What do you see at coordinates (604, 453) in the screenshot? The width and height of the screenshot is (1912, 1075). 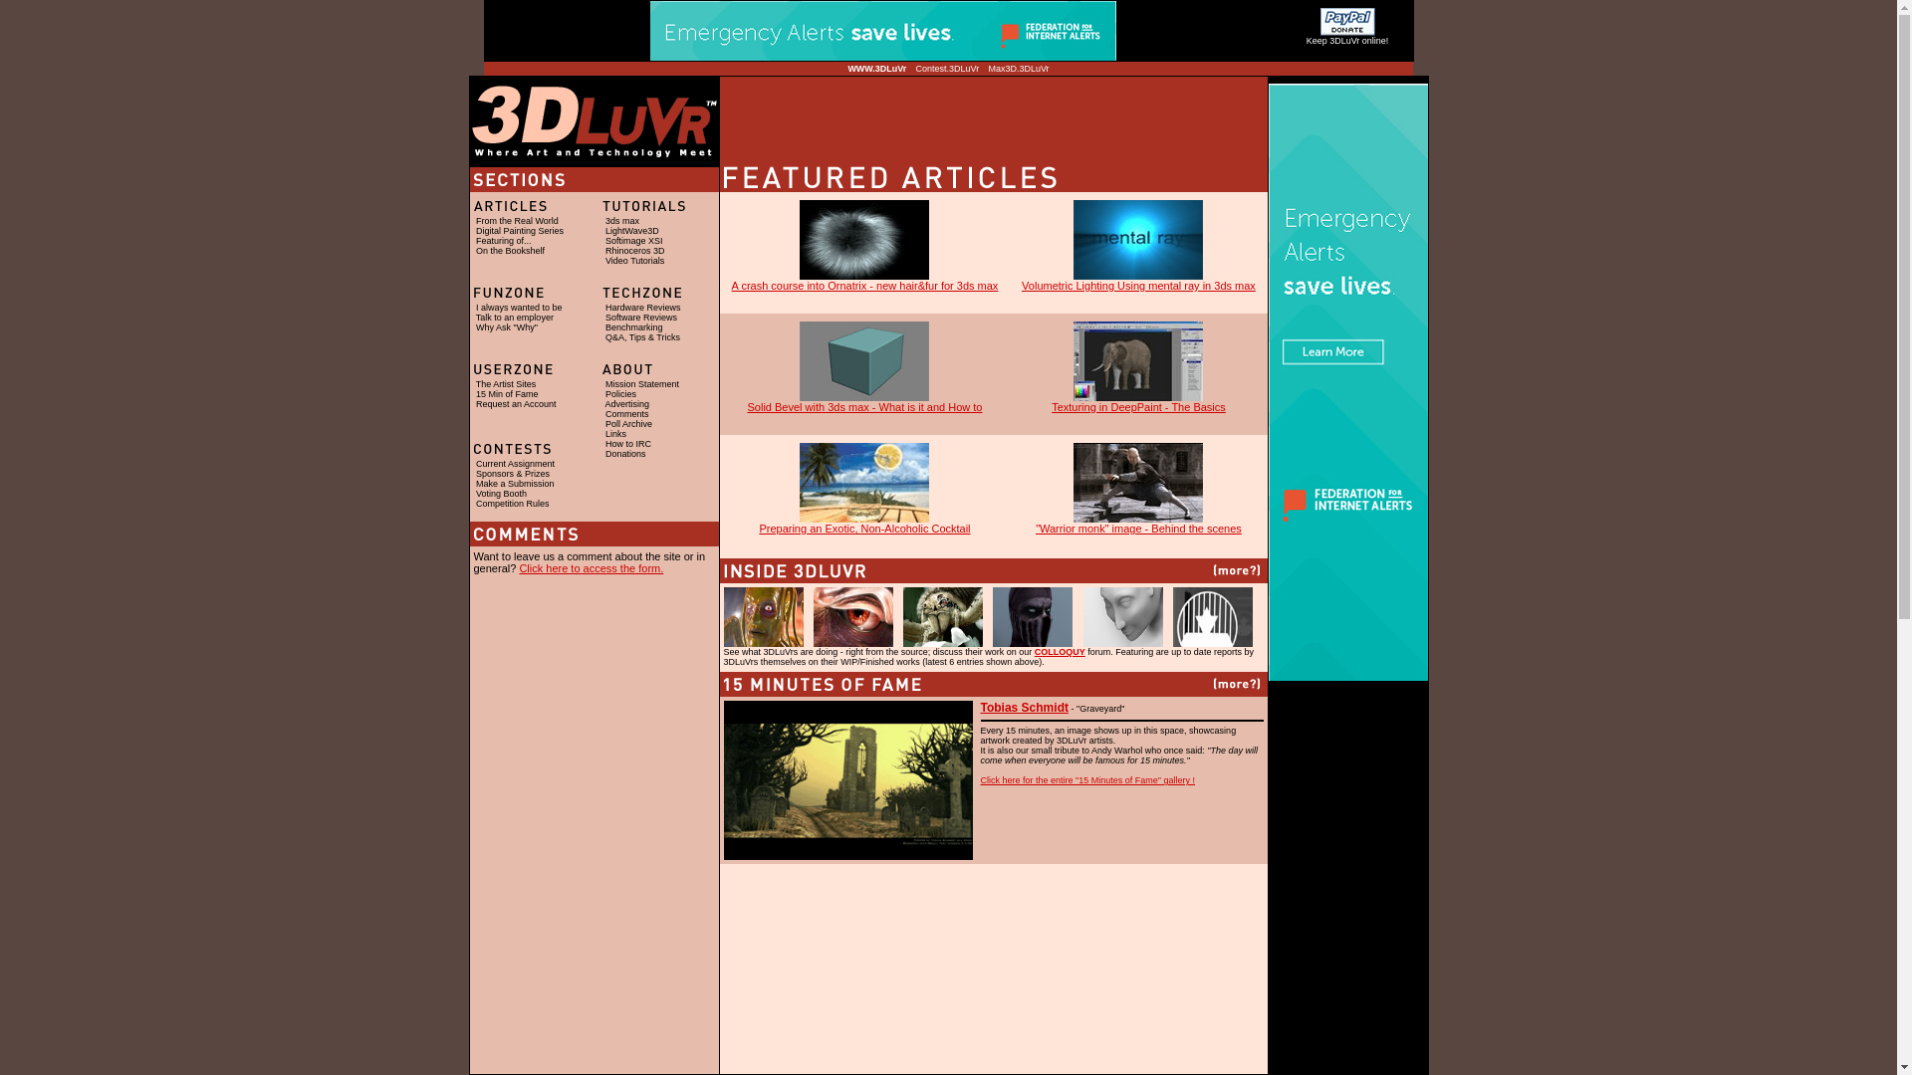 I see `'Donations'` at bounding box center [604, 453].